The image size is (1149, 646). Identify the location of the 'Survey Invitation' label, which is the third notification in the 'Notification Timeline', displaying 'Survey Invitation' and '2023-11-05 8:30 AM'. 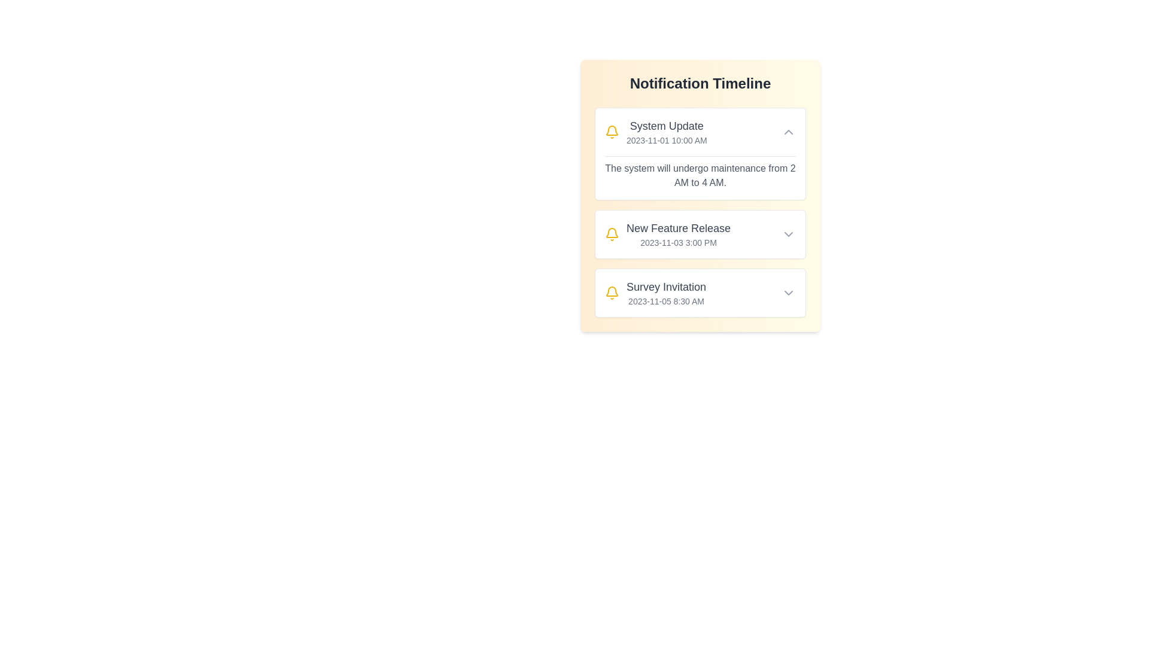
(665, 292).